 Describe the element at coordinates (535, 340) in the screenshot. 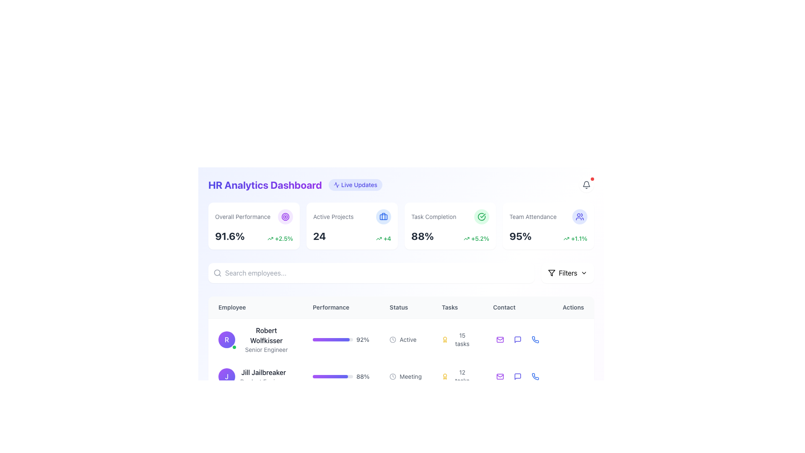

I see `the blue phone icon` at that location.